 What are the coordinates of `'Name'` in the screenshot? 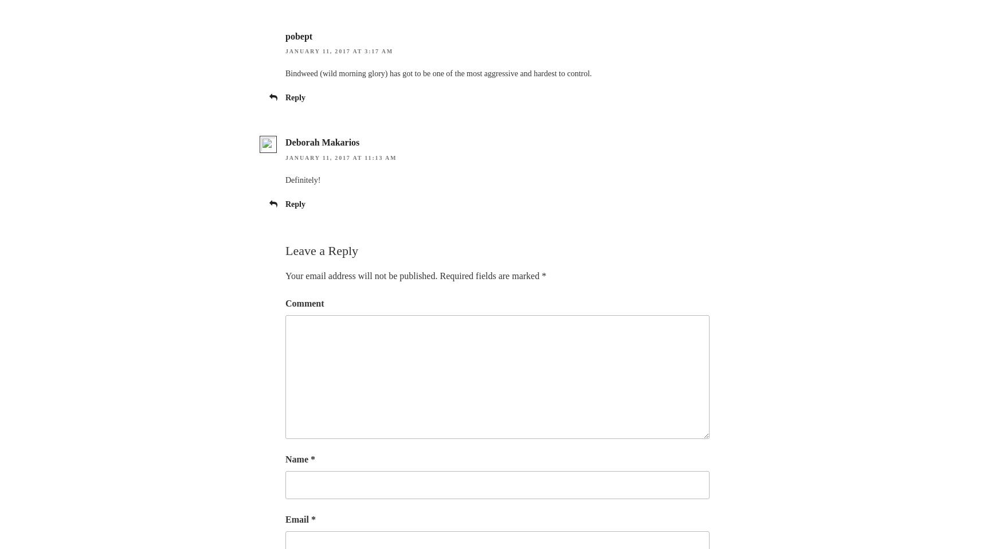 It's located at (297, 458).